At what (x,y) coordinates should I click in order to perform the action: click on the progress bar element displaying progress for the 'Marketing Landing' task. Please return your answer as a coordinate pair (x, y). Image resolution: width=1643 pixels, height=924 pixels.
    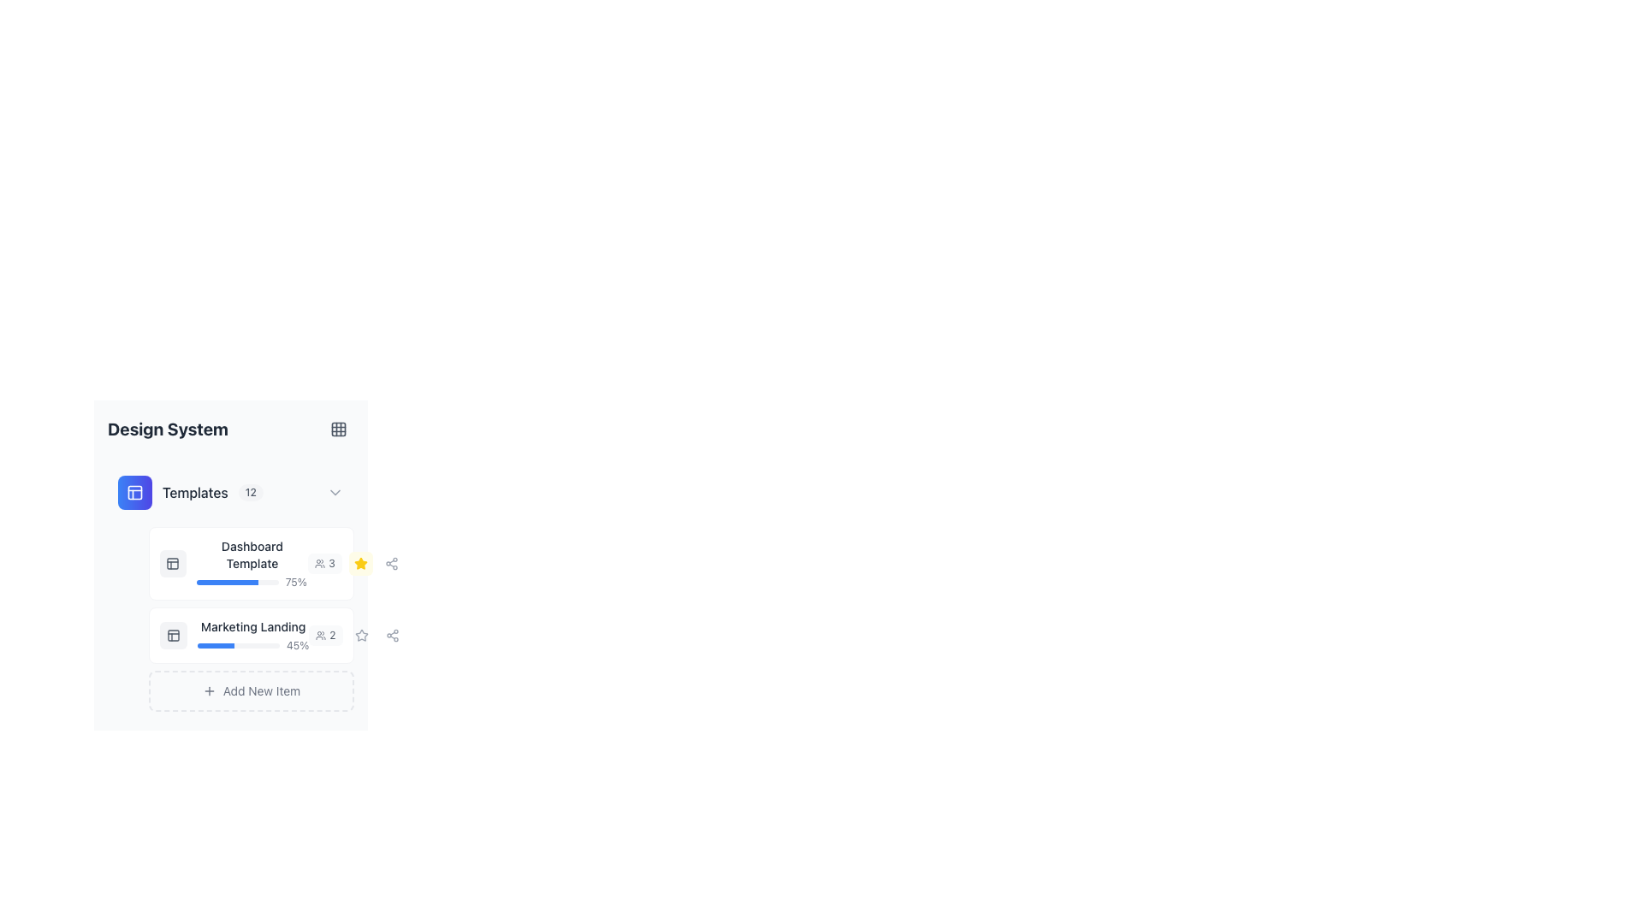
    Looking at the image, I should click on (252, 636).